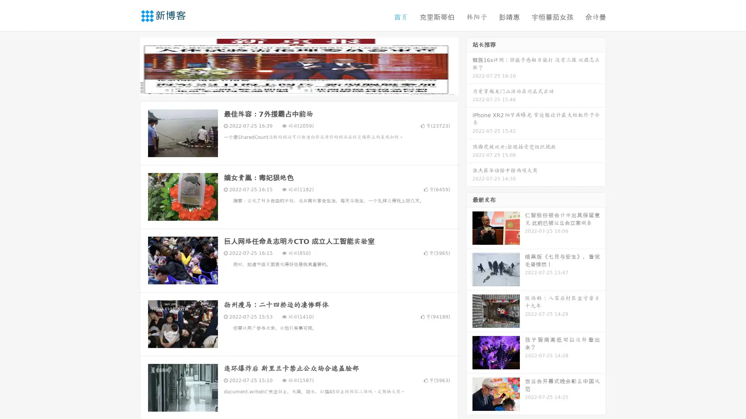 The height and width of the screenshot is (419, 746). I want to click on Next slide, so click(469, 65).